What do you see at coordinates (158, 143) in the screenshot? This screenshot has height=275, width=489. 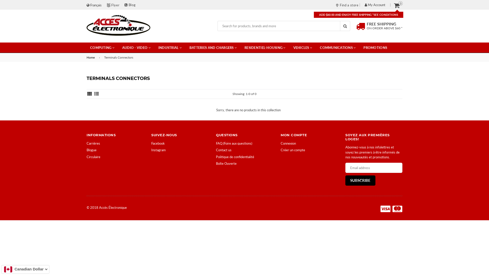 I see `'Facebook'` at bounding box center [158, 143].